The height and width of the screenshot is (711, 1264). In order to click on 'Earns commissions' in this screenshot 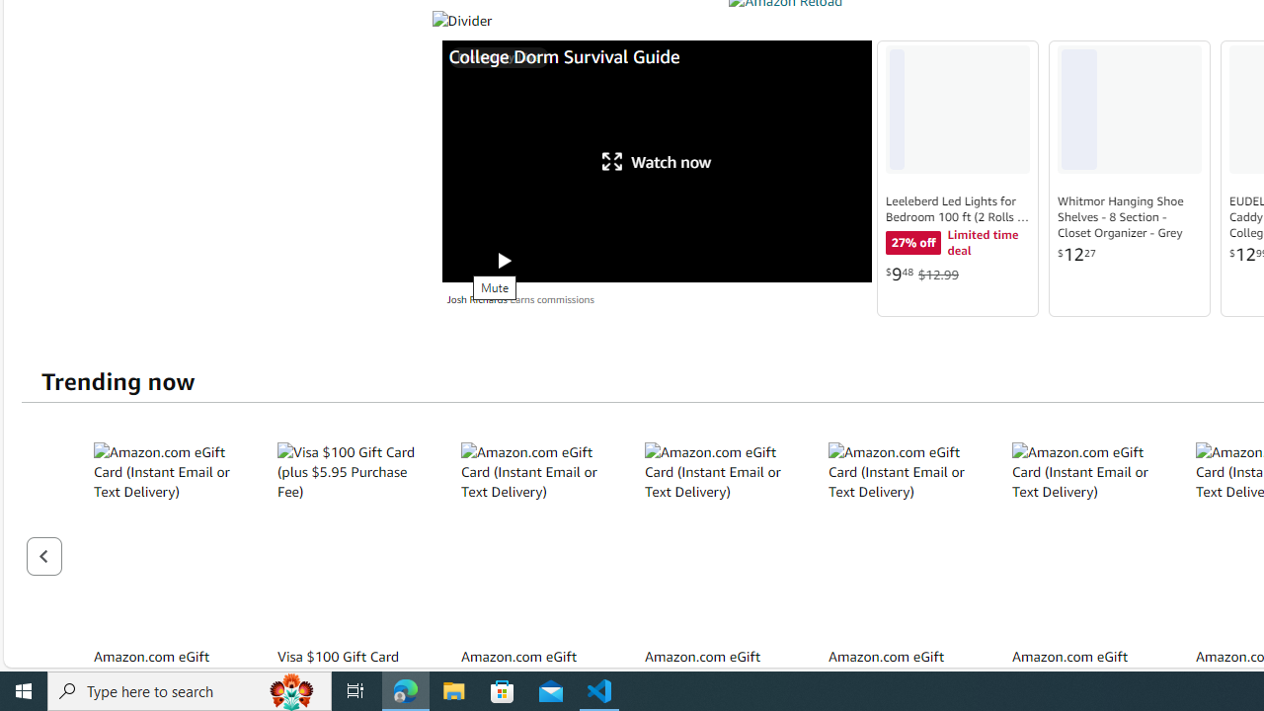, I will do `click(551, 299)`.